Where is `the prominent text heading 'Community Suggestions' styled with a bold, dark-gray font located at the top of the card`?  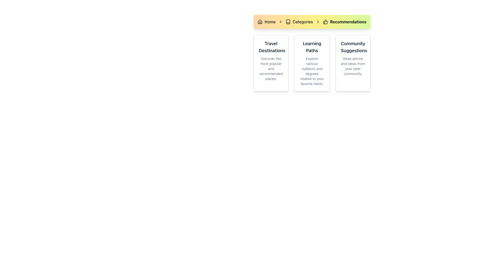
the prominent text heading 'Community Suggestions' styled with a bold, dark-gray font located at the top of the card is located at coordinates (353, 47).